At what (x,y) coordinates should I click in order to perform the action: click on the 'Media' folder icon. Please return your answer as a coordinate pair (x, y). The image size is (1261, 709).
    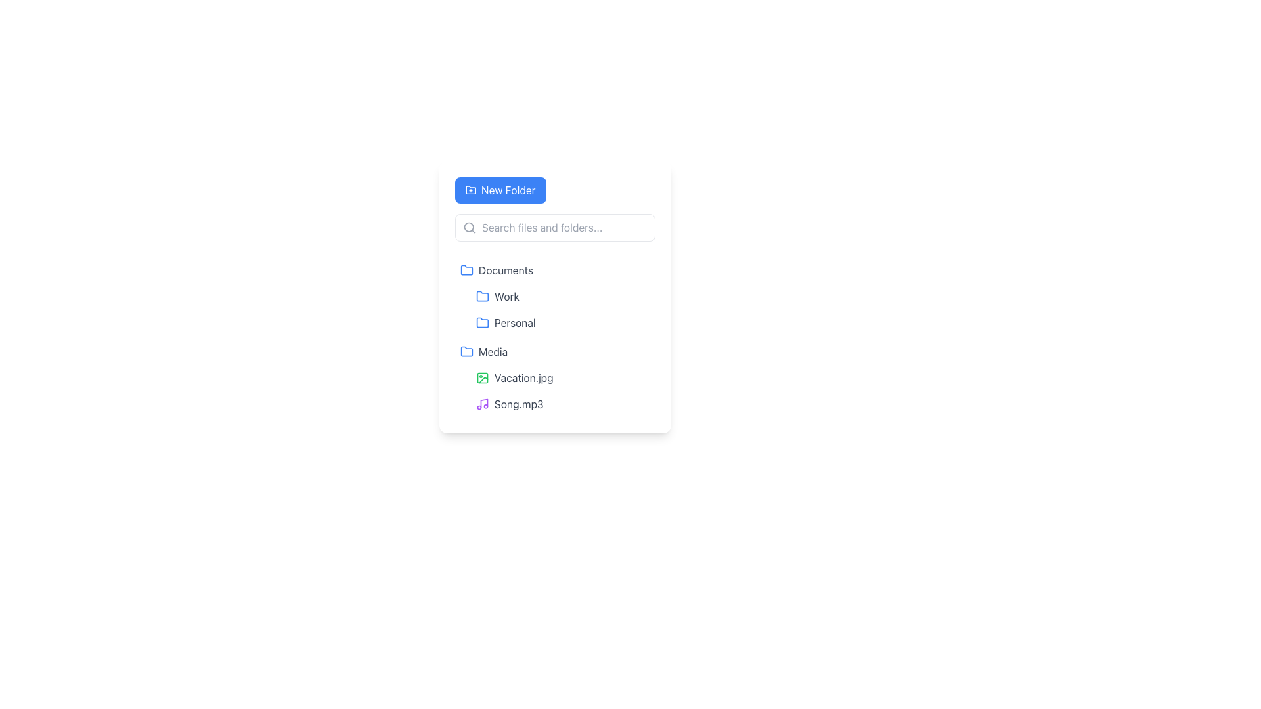
    Looking at the image, I should click on (466, 351).